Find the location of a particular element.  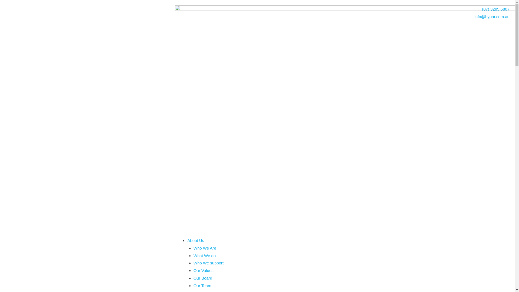

'Who We support' is located at coordinates (193, 263).